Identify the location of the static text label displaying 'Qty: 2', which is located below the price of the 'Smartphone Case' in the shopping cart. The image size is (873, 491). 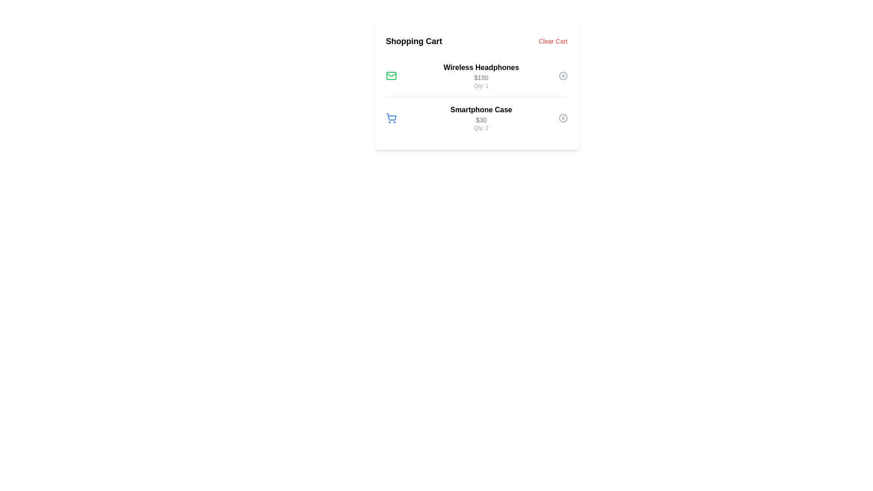
(481, 128).